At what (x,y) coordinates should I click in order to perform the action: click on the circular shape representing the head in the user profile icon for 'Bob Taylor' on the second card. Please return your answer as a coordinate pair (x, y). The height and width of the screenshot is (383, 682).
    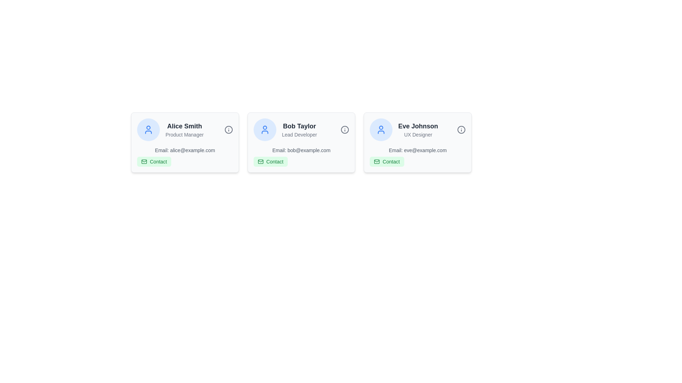
    Looking at the image, I should click on (264, 128).